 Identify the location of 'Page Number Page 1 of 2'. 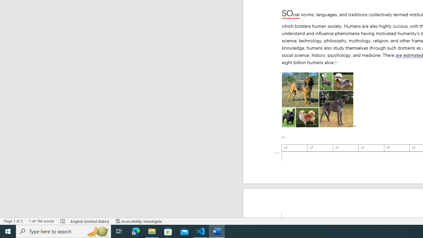
(13, 221).